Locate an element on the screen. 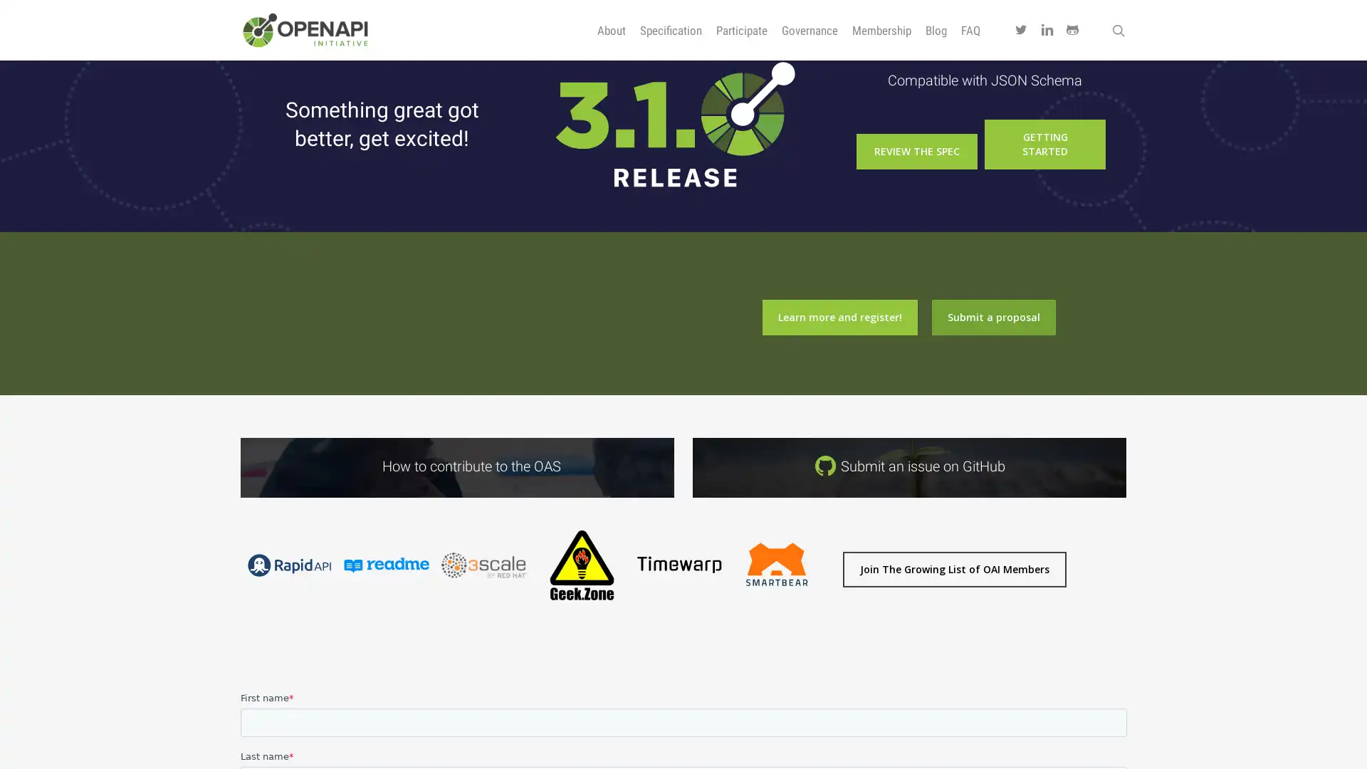  Next is located at coordinates (832, 612).